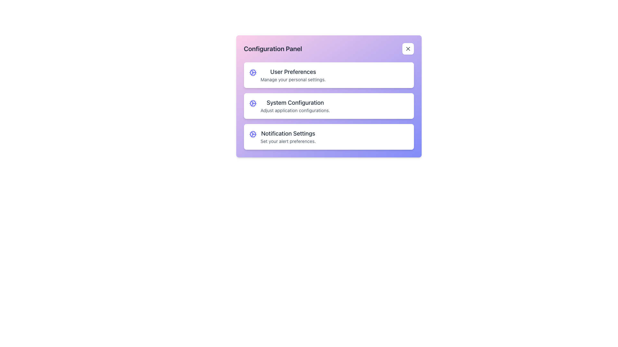 The image size is (618, 347). I want to click on on the 'System Configuration' interactive label, so click(295, 106).